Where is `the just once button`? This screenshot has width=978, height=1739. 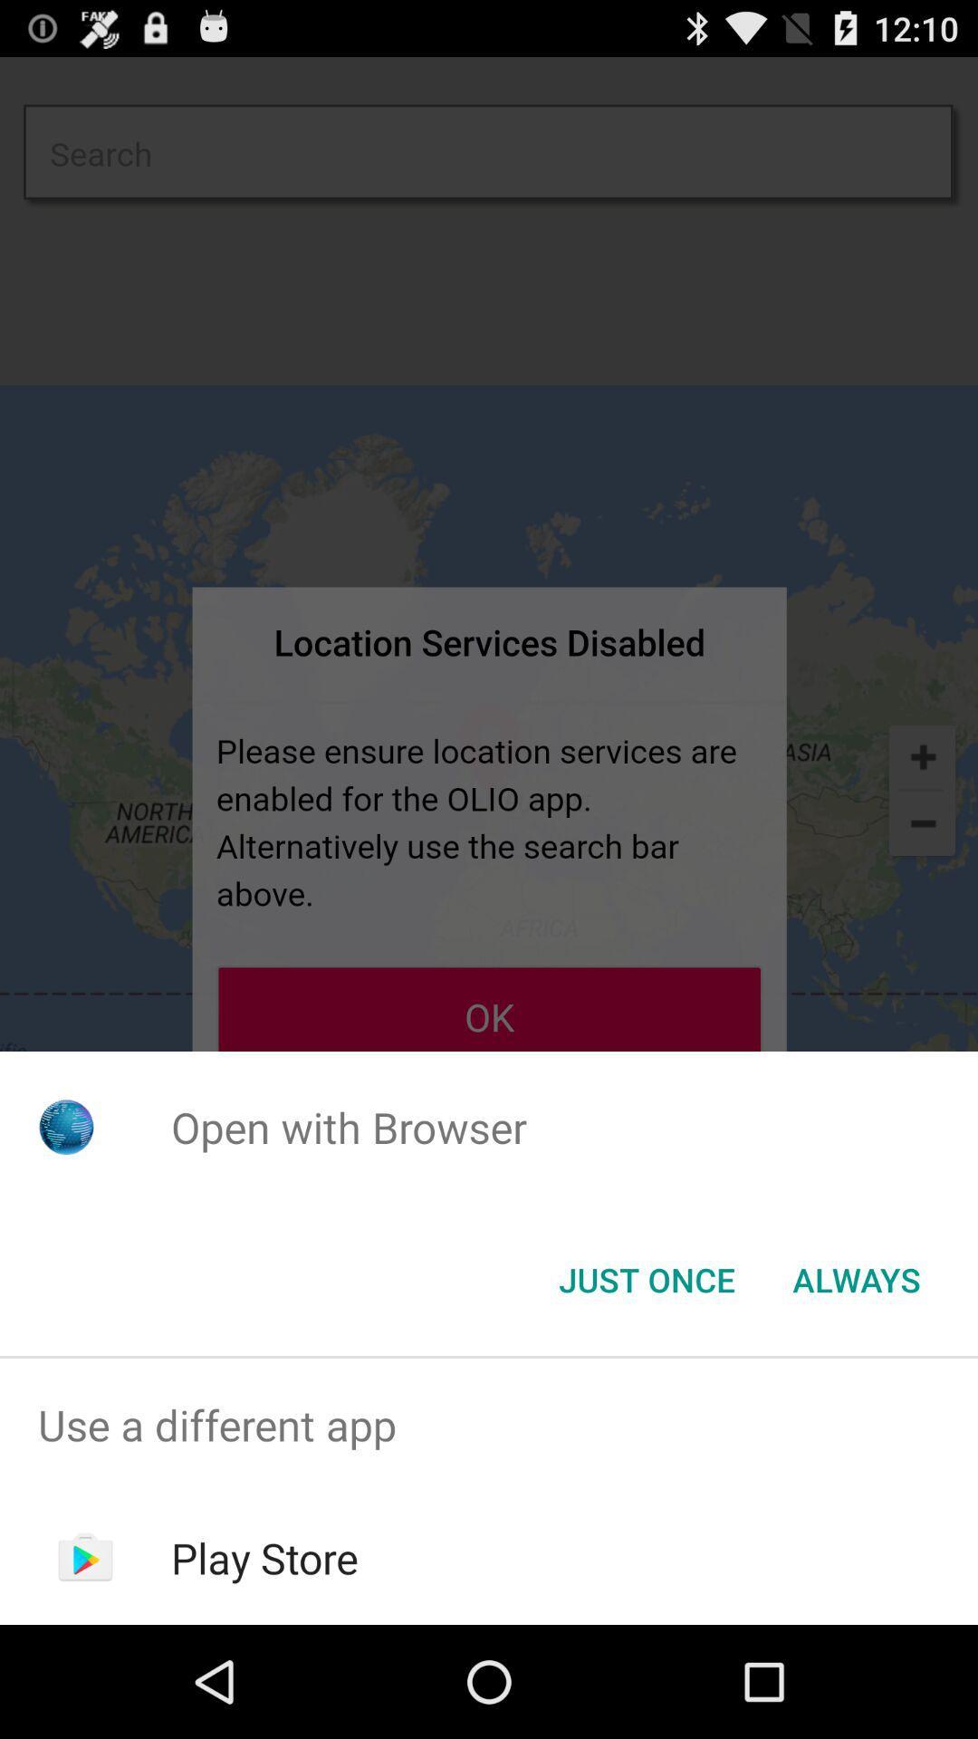
the just once button is located at coordinates (646, 1278).